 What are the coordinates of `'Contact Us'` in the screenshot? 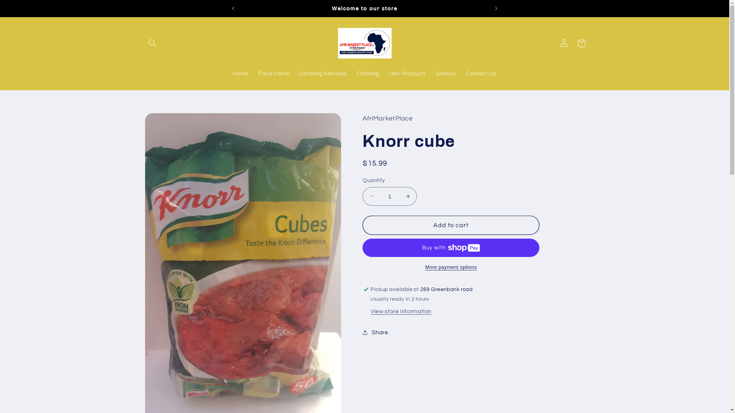 It's located at (481, 74).